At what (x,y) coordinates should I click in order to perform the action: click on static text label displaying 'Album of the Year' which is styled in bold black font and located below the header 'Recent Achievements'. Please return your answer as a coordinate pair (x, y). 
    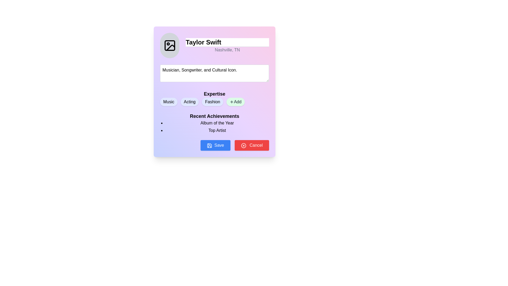
    Looking at the image, I should click on (217, 123).